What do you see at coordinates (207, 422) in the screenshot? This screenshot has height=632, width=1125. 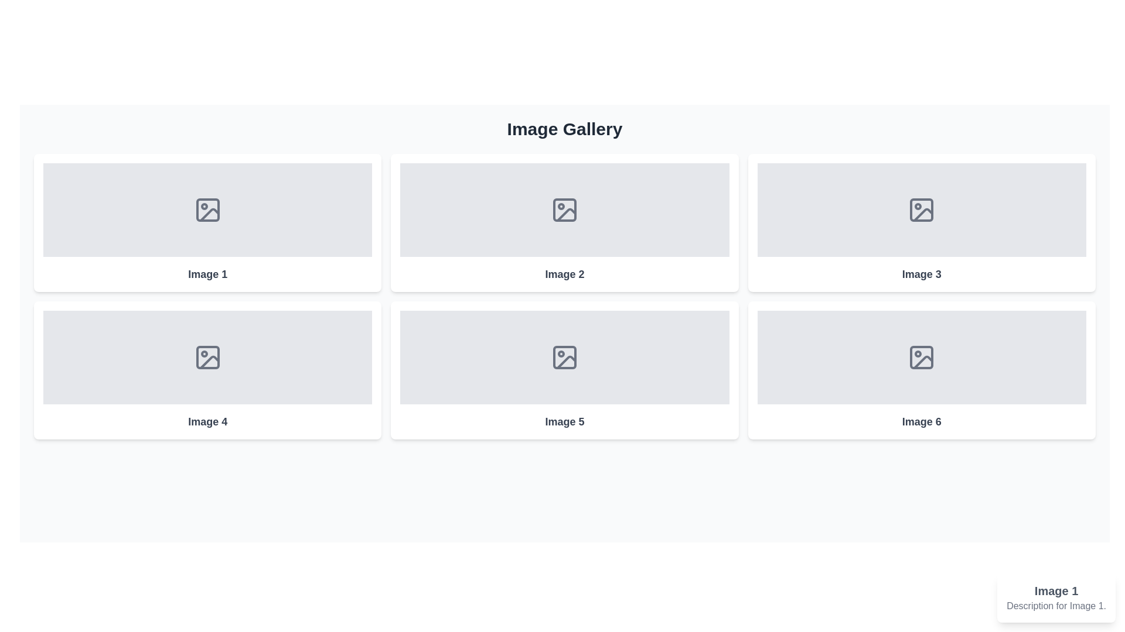 I see `text from the bold label displaying 'Image 4' located in the second row, first column of the grid layout` at bounding box center [207, 422].